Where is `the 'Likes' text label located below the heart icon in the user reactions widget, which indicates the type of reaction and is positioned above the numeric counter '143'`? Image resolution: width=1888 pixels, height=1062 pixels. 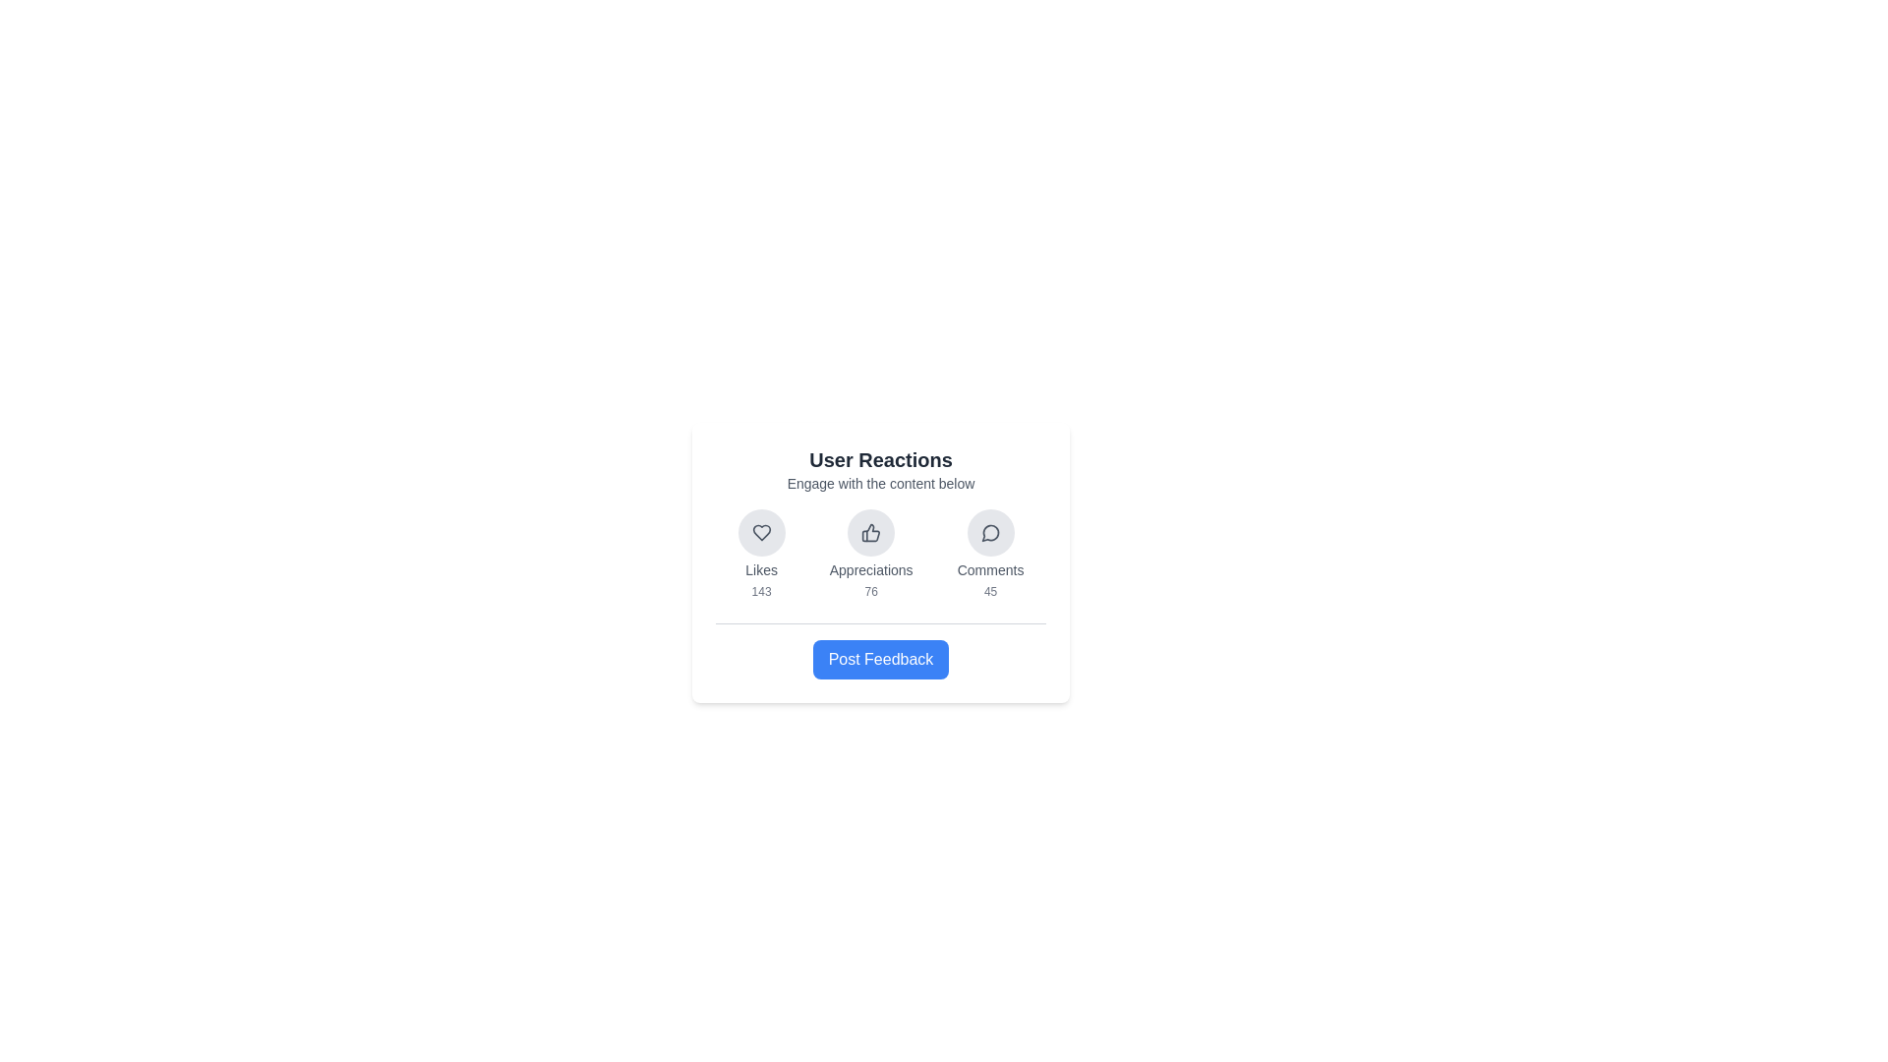 the 'Likes' text label located below the heart icon in the user reactions widget, which indicates the type of reaction and is positioned above the numeric counter '143' is located at coordinates (760, 569).